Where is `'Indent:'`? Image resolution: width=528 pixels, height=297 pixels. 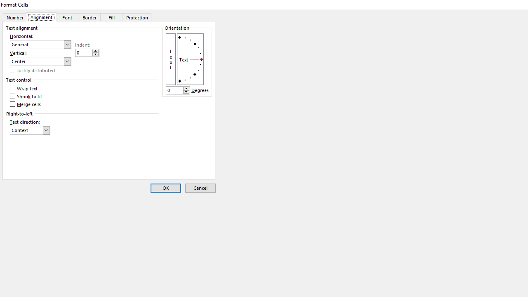 'Indent:' is located at coordinates (87, 53).